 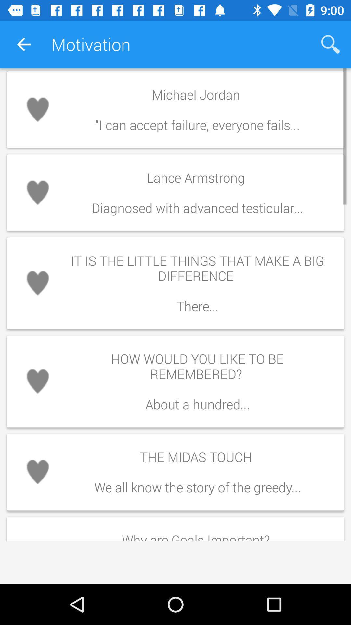 I want to click on icon above the it is the, so click(x=197, y=192).